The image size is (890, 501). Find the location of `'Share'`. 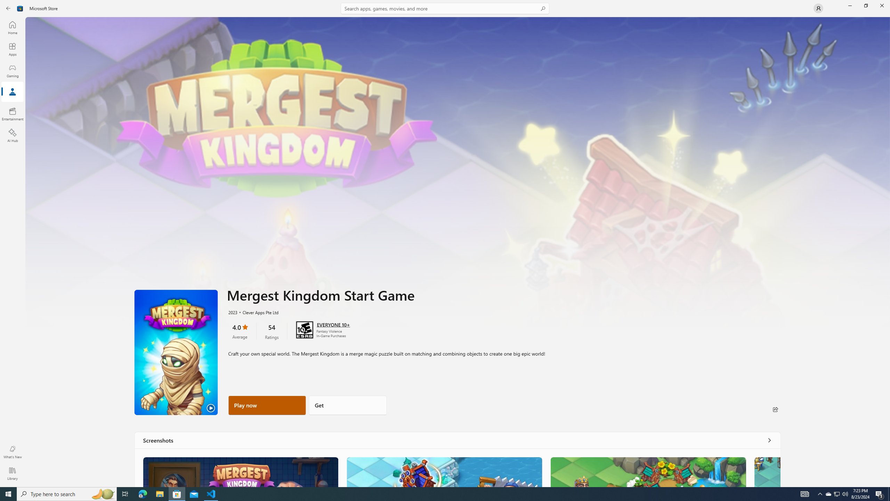

'Share' is located at coordinates (775, 409).